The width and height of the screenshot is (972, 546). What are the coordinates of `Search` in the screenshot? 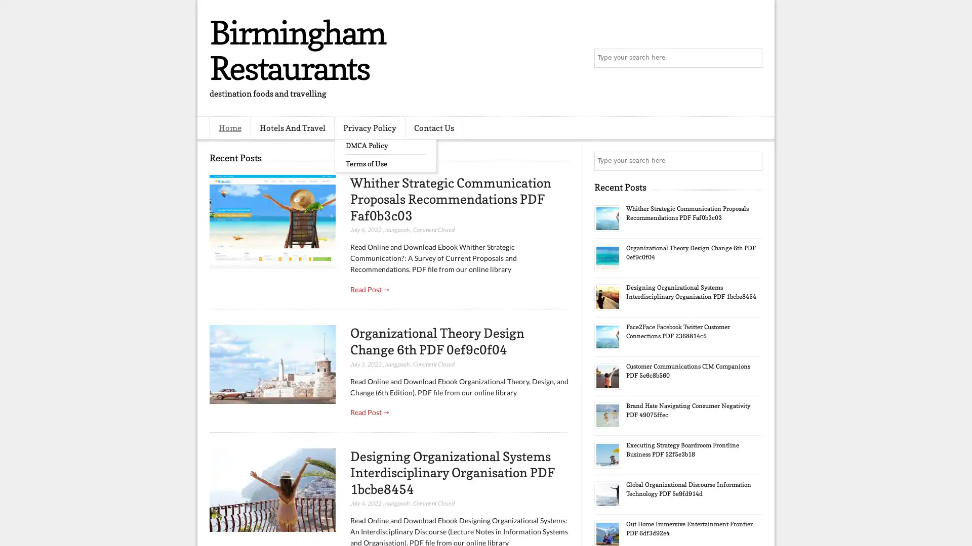 It's located at (752, 58).